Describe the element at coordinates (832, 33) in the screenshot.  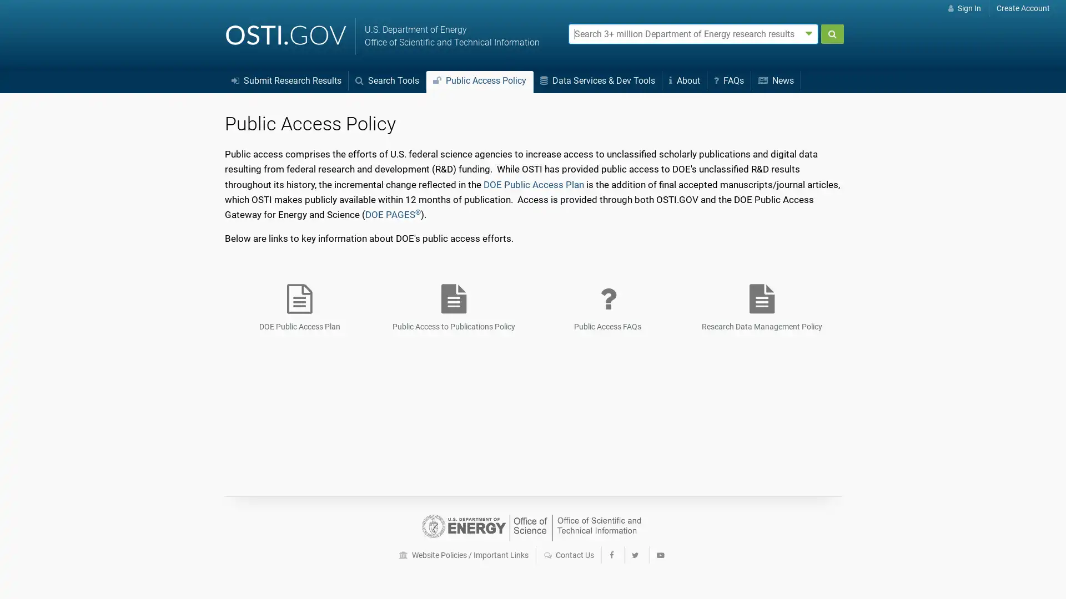
I see `Submit` at that location.